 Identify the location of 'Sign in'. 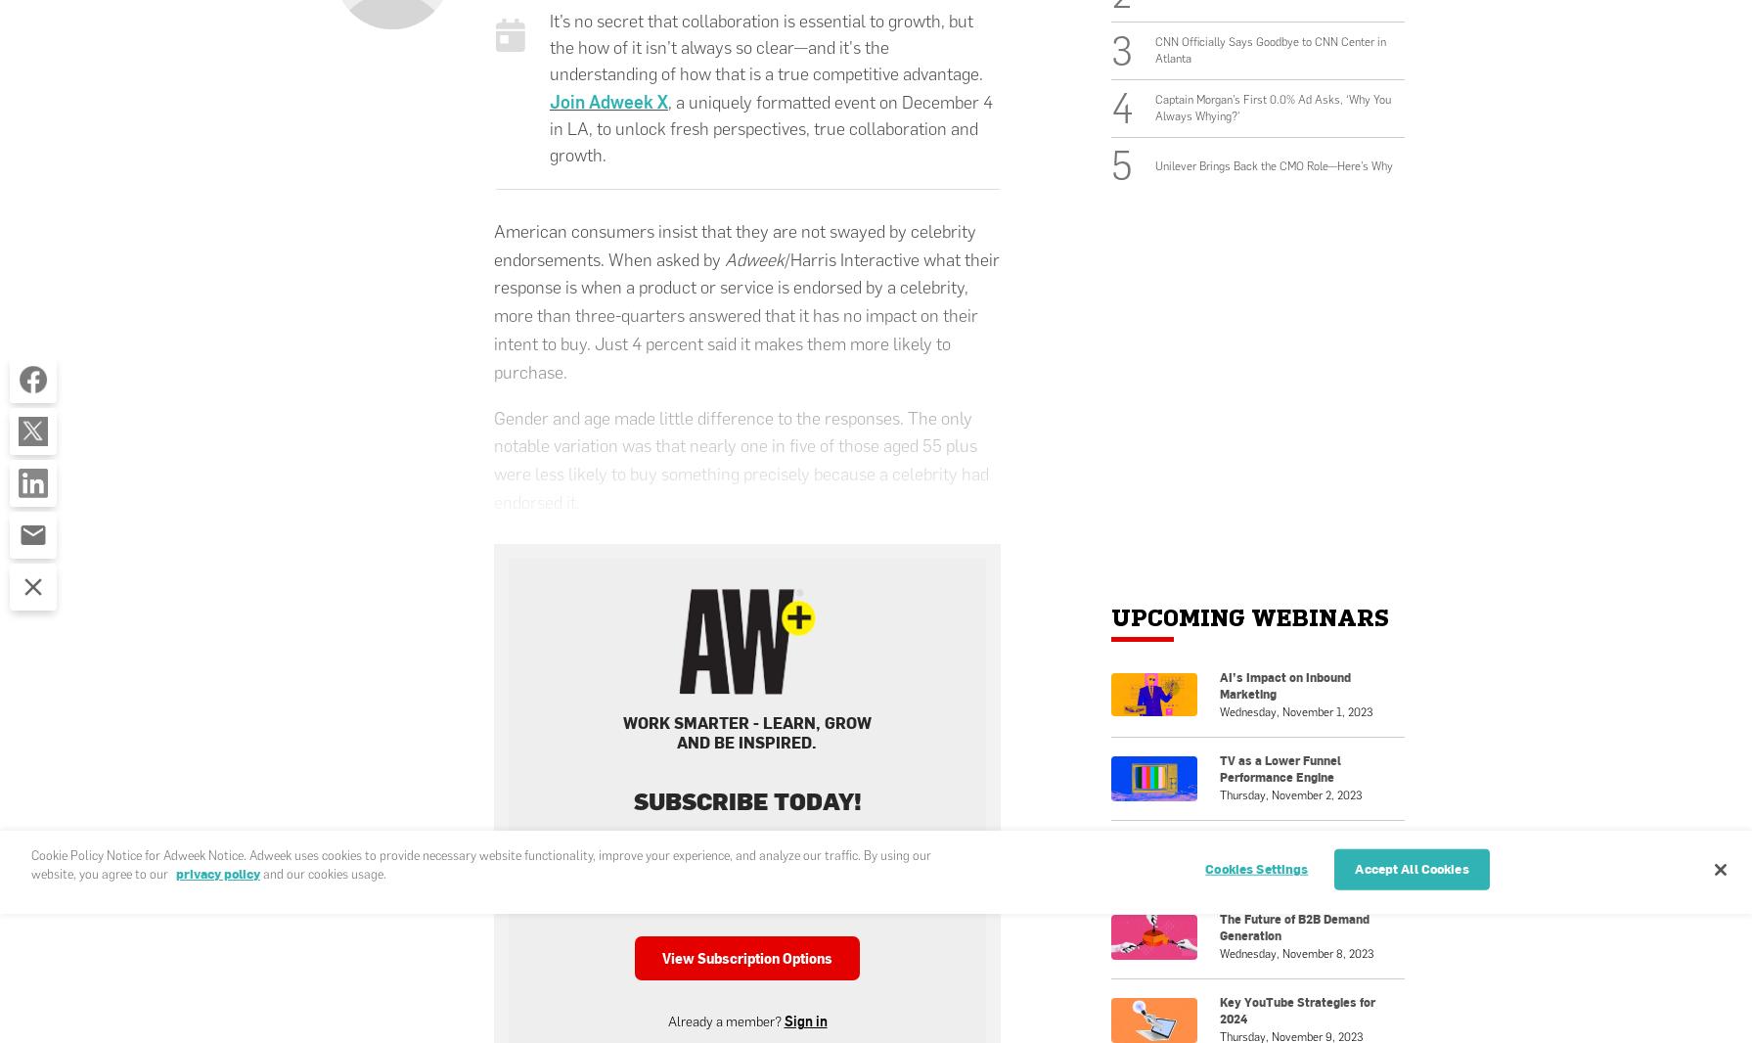
(804, 1020).